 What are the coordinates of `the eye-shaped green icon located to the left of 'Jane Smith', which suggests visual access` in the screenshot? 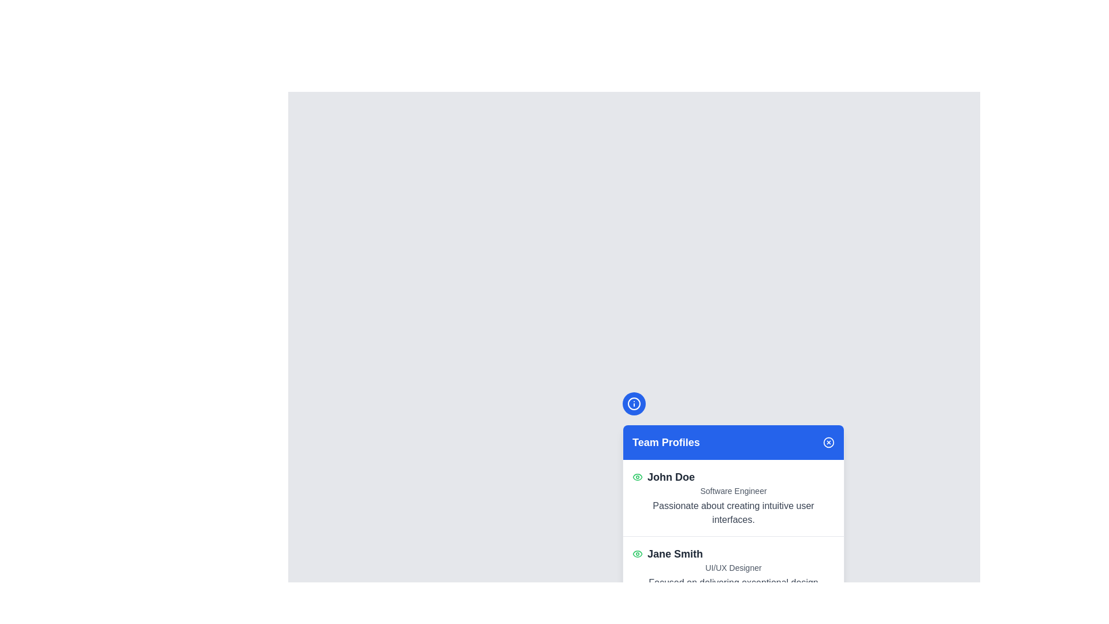 It's located at (637, 554).